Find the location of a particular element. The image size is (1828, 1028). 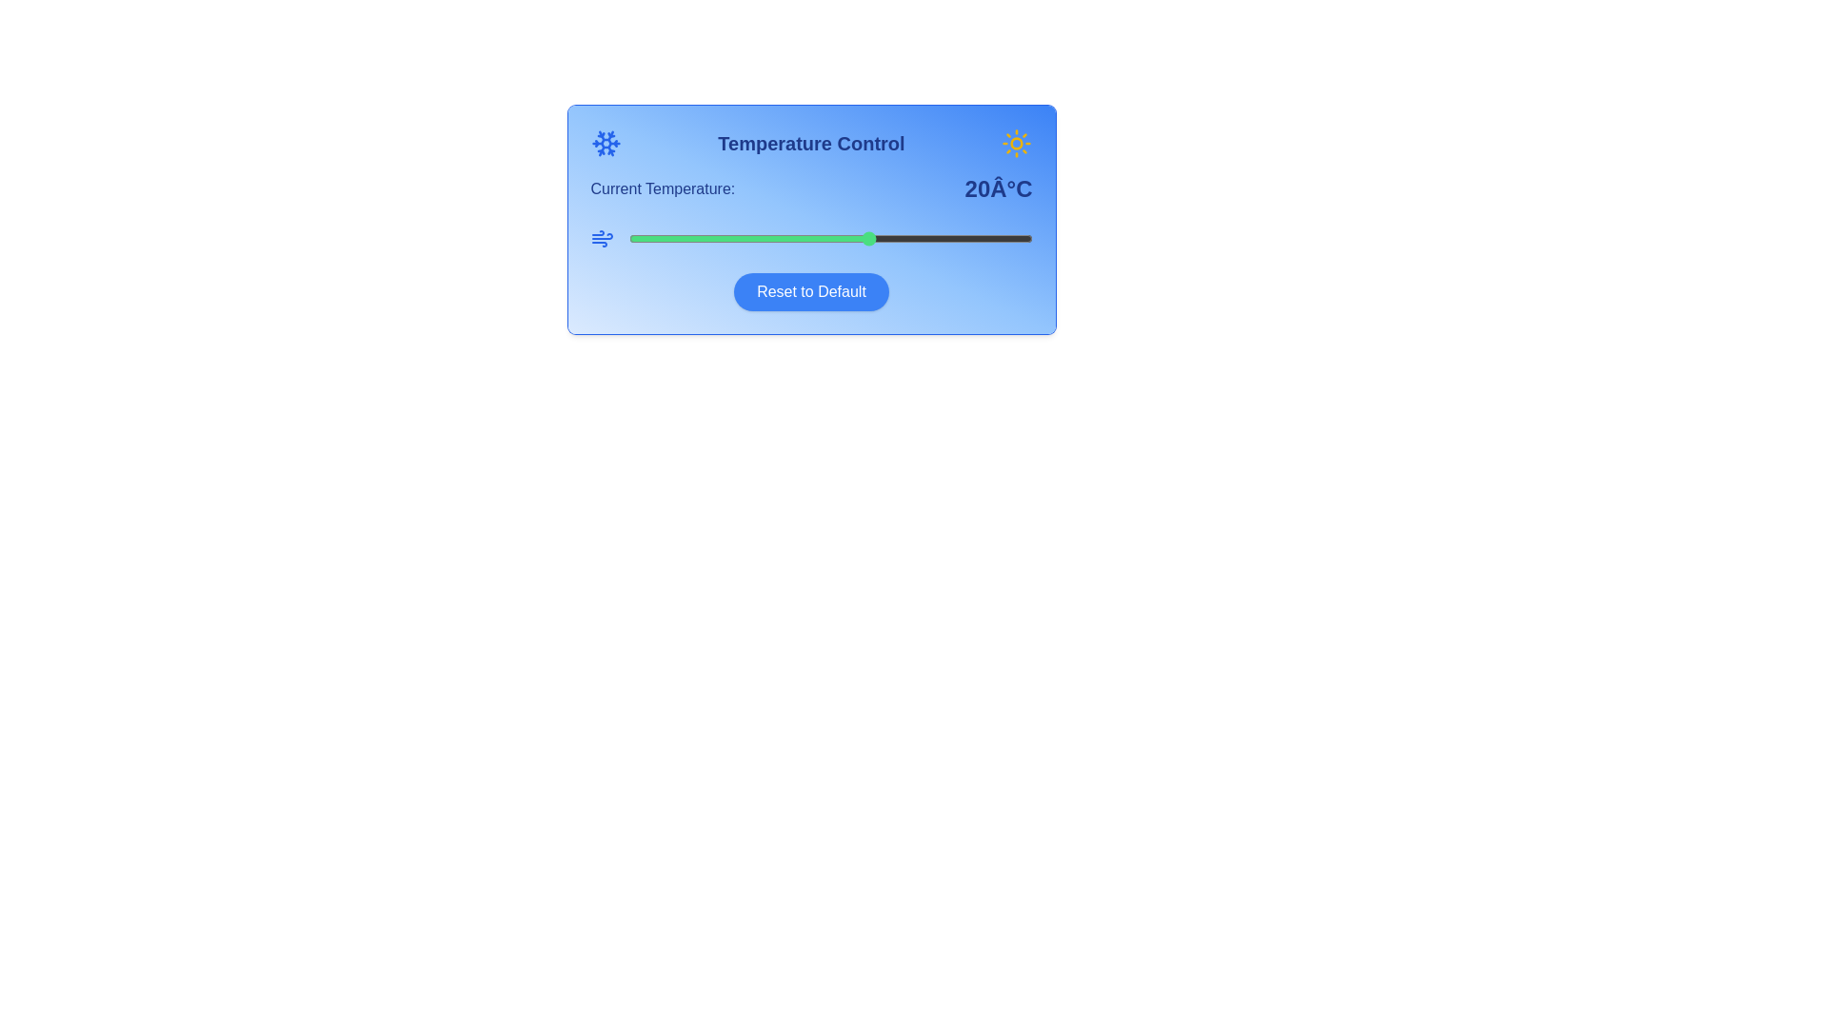

the temperature slider is located at coordinates (1007, 237).